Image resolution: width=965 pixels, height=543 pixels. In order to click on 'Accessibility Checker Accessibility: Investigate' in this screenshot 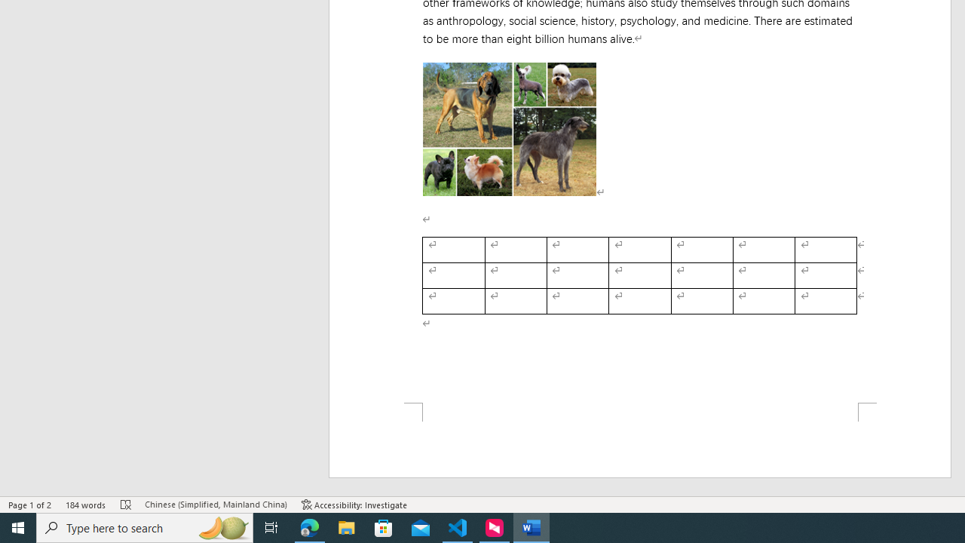, I will do `click(354, 505)`.